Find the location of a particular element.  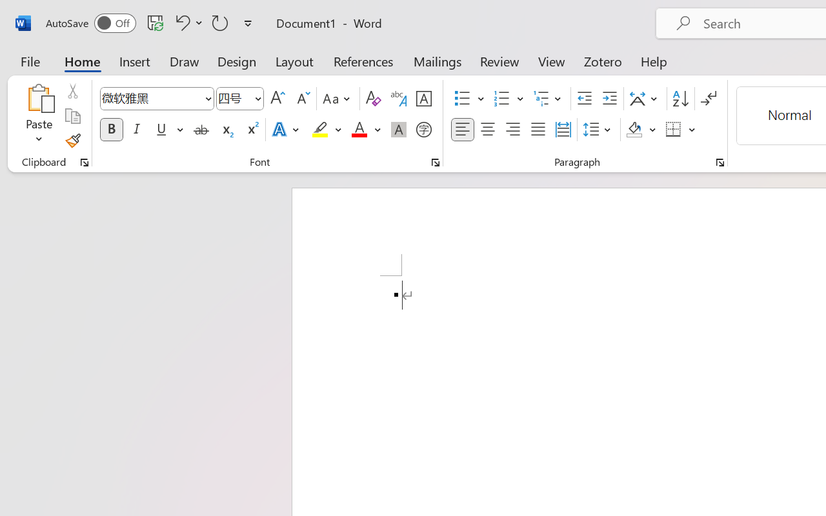

'Undo <ApplyStyleToDoc>b__0' is located at coordinates (180, 22).